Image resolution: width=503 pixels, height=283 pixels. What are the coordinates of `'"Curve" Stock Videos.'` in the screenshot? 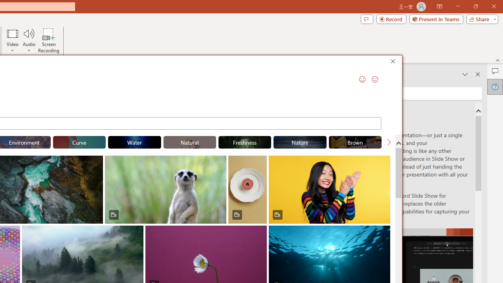 It's located at (79, 142).